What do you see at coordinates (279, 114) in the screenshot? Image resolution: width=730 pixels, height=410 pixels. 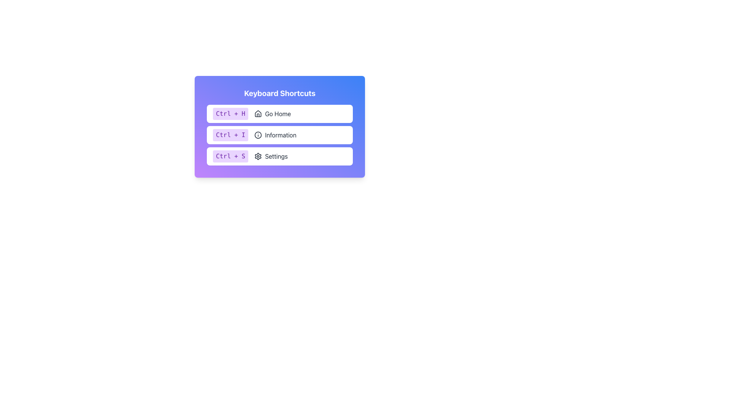 I see `the keyboard shortcut button that indicates 'Ctrl + H' for navigating to the 'Home' section within the blue panel titled 'Keyboard Shortcuts'` at bounding box center [279, 114].